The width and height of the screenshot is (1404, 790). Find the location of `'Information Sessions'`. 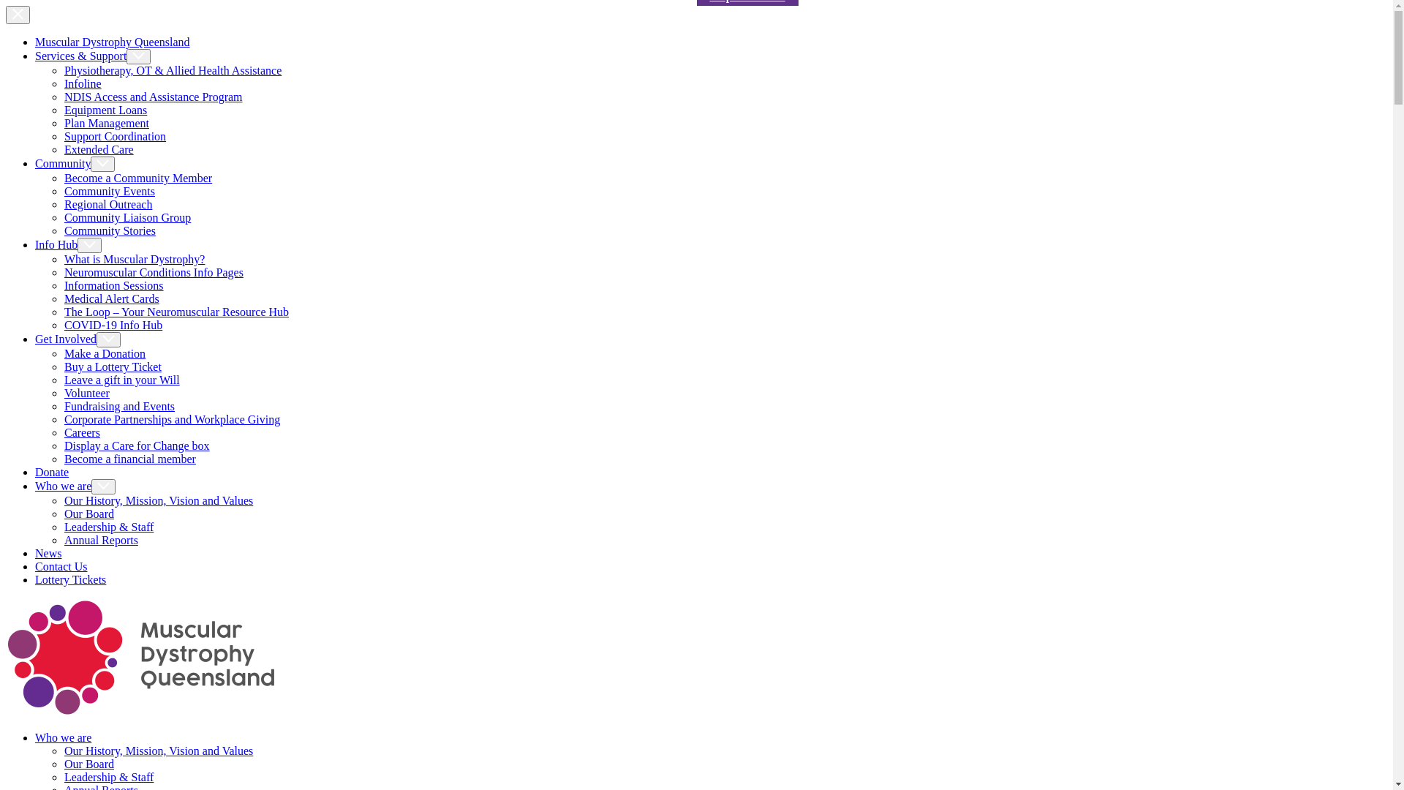

'Information Sessions' is located at coordinates (113, 285).